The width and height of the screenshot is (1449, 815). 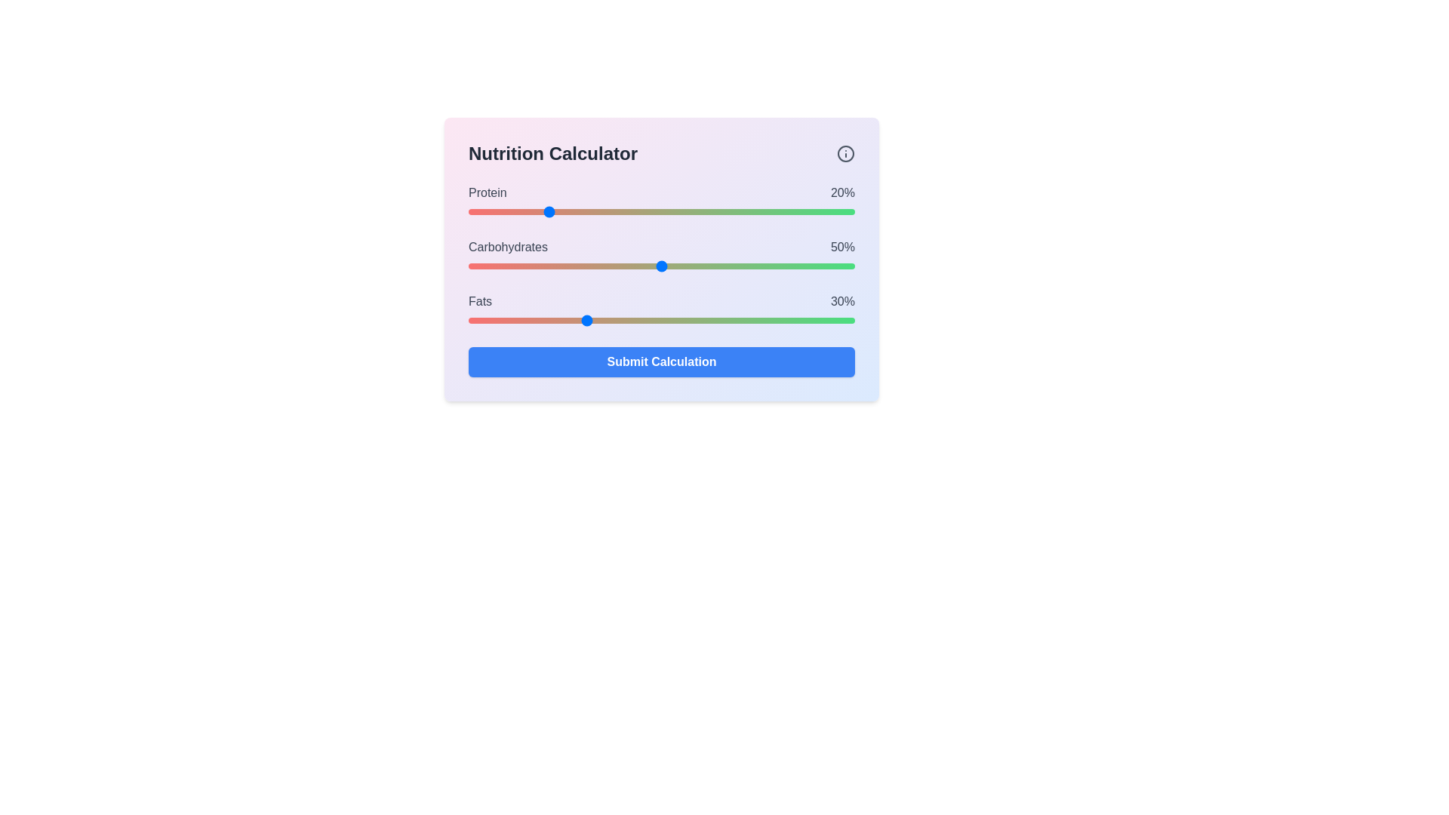 I want to click on the protein slider to 13%, so click(x=518, y=212).